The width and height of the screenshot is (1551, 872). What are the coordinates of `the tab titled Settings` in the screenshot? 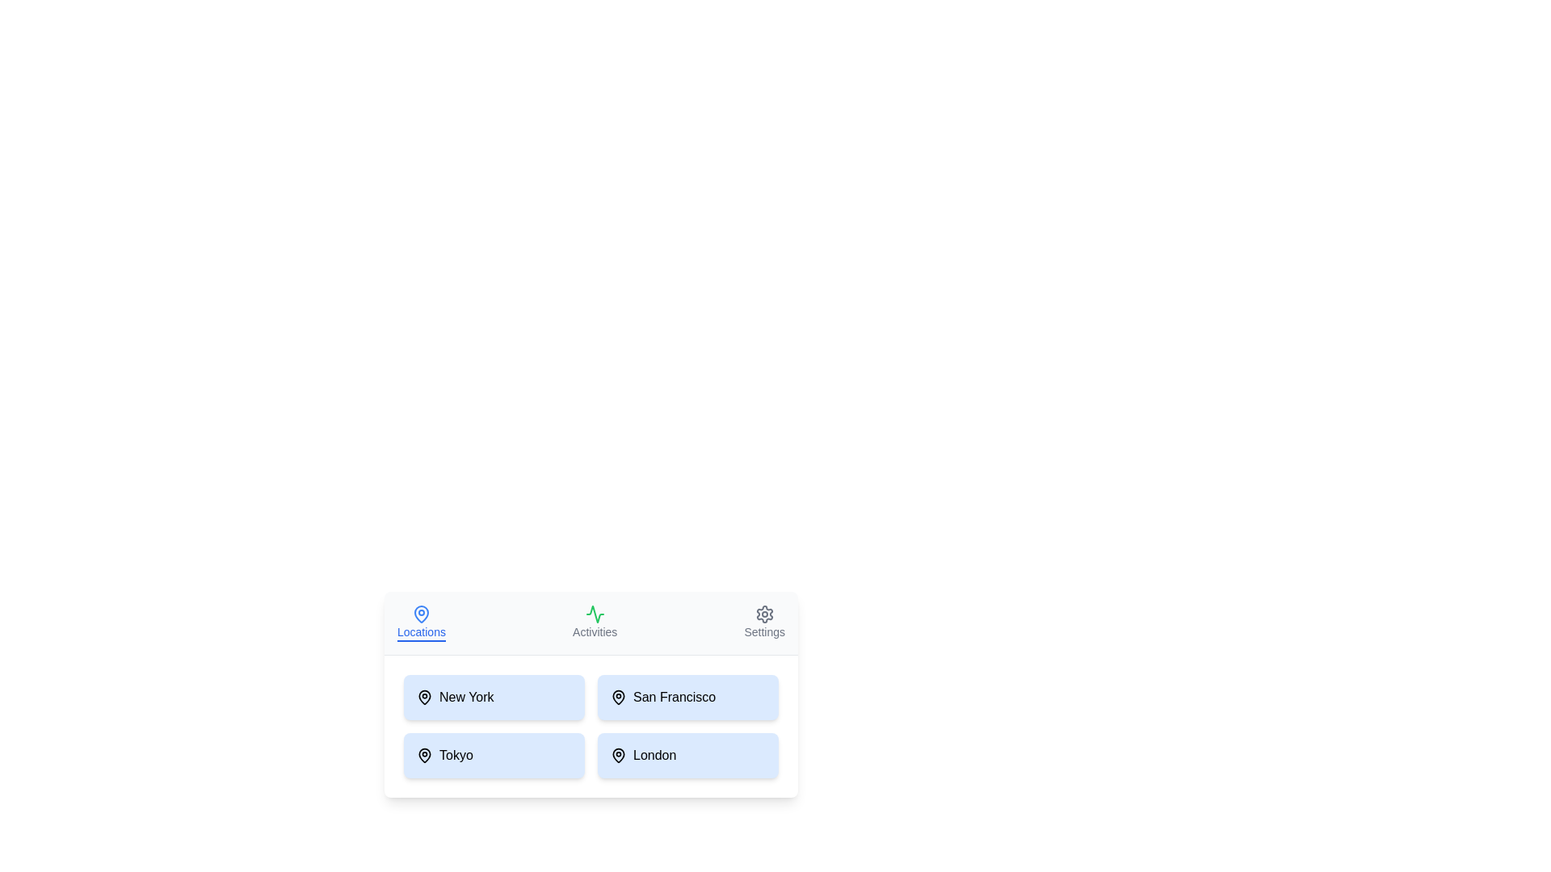 It's located at (763, 622).